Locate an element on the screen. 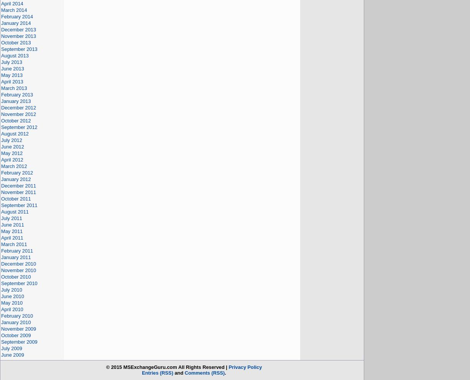  'April 2014' is located at coordinates (12, 3).